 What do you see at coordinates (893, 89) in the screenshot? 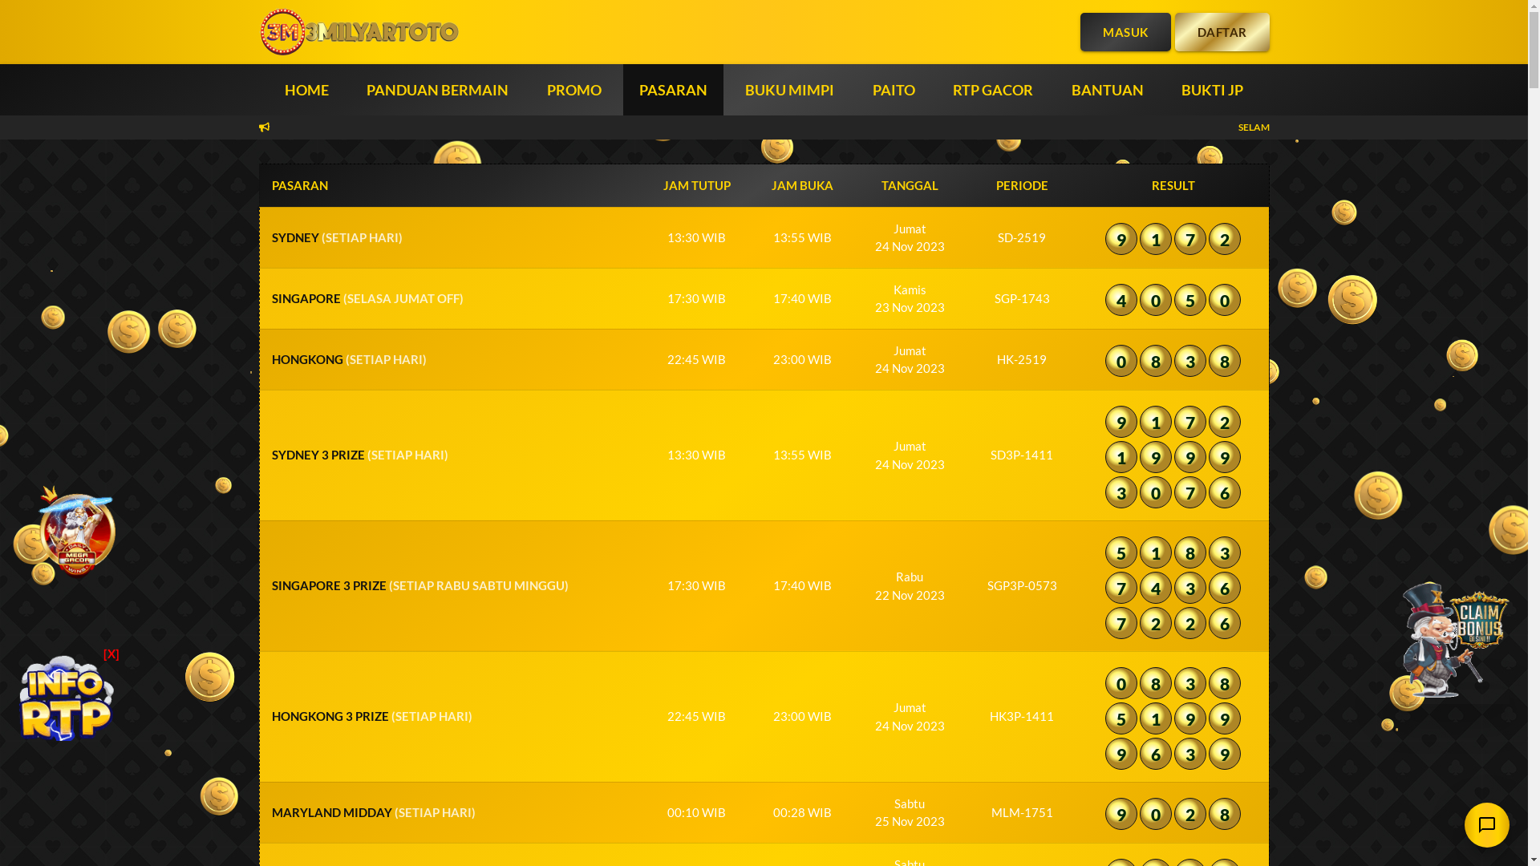
I see `'PAITO'` at bounding box center [893, 89].